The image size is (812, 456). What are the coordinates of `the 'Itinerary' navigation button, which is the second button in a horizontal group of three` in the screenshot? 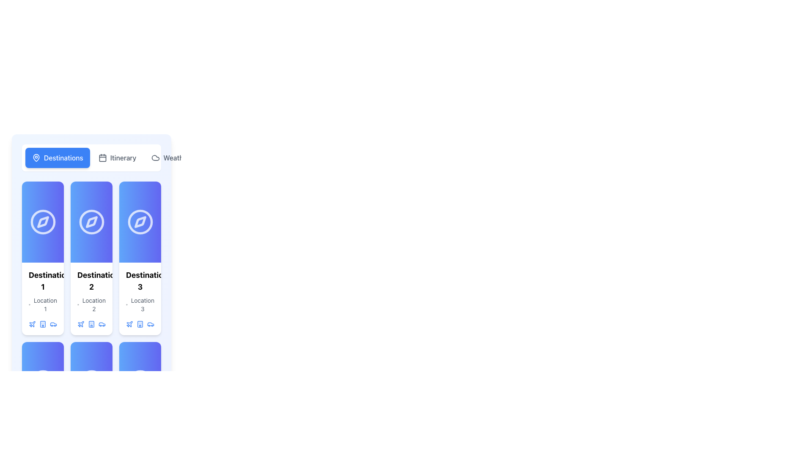 It's located at (117, 158).